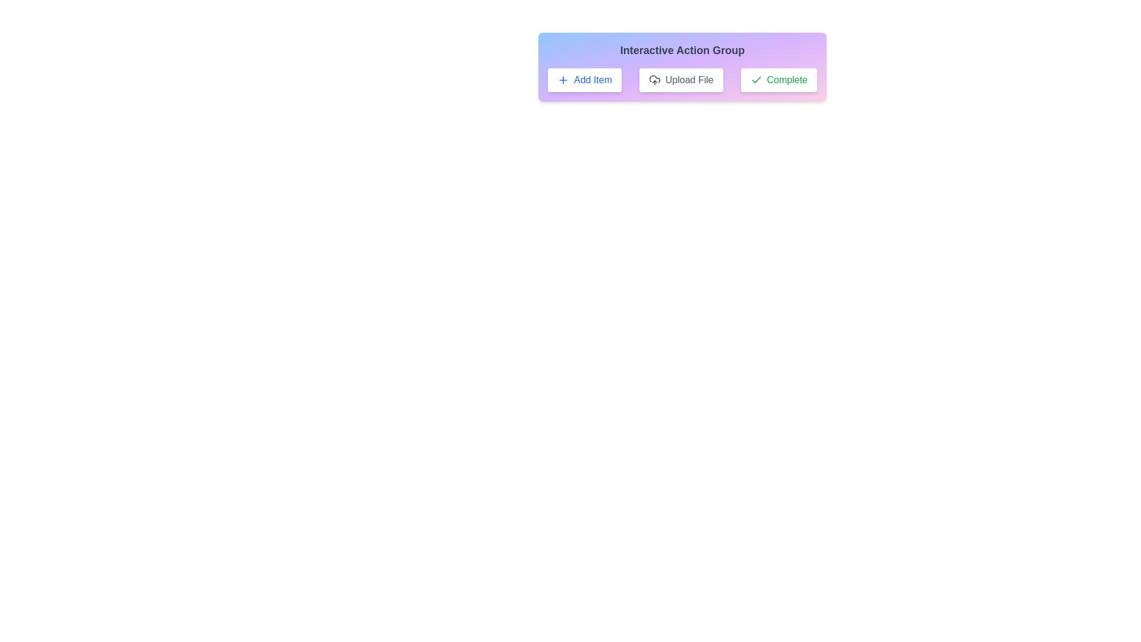 The image size is (1141, 642). What do you see at coordinates (755, 80) in the screenshot?
I see `the checkmark icon, which is located at the center of the 'Complete' button, designed with a green stroke and rounded end, positioned on the rightmost side of a group of three buttons` at bounding box center [755, 80].